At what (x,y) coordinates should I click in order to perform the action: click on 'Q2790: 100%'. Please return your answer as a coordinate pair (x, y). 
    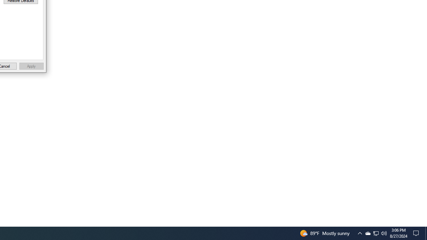
    Looking at the image, I should click on (384, 233).